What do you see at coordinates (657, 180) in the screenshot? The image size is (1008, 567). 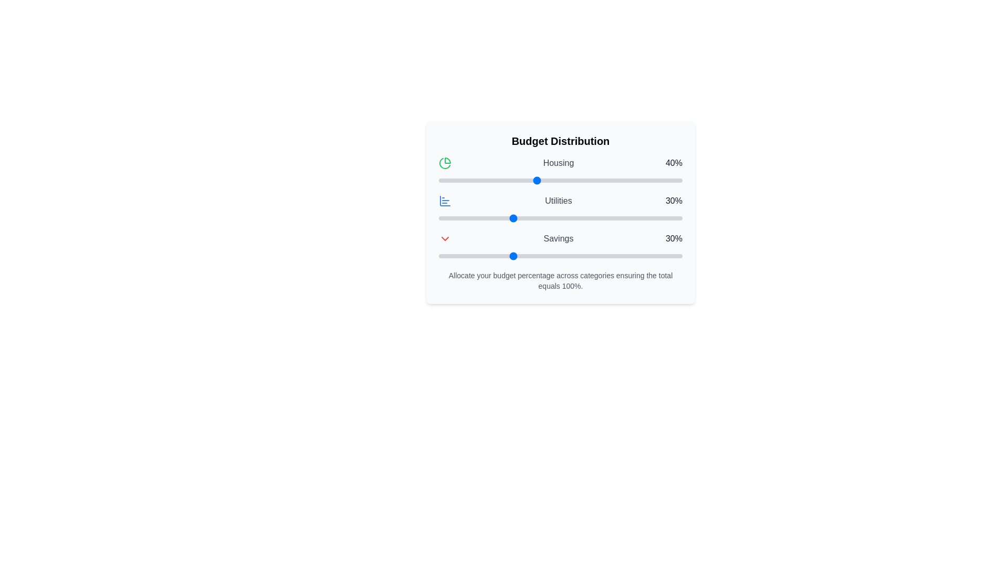 I see `housing budget` at bounding box center [657, 180].